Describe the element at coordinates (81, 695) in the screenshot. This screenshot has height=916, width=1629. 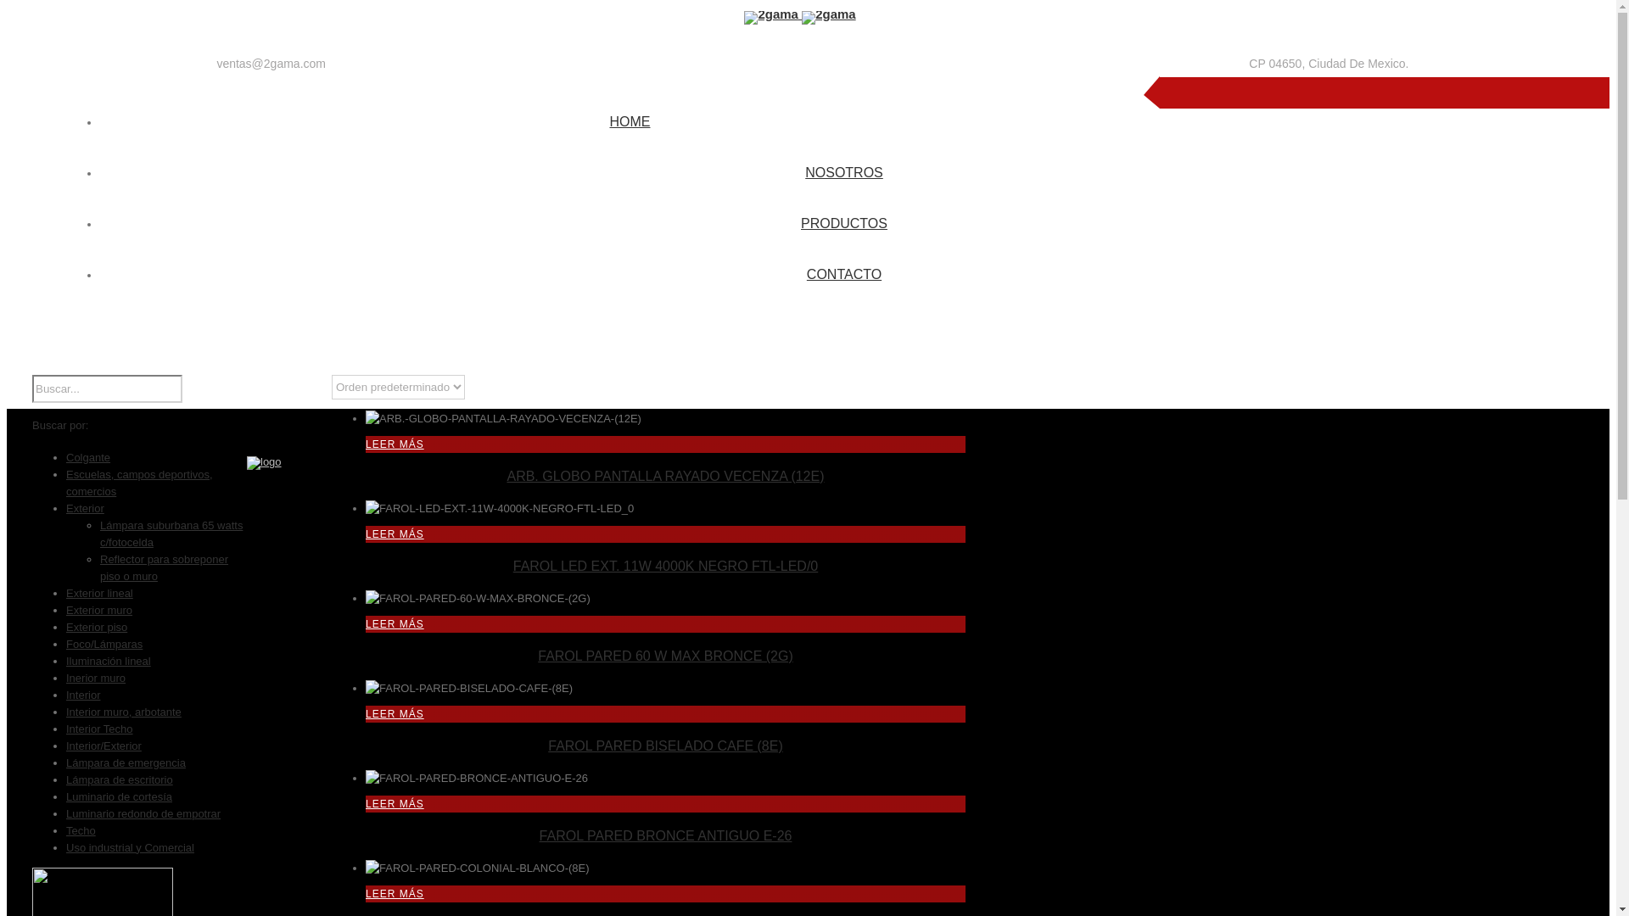
I see `'Interior'` at that location.